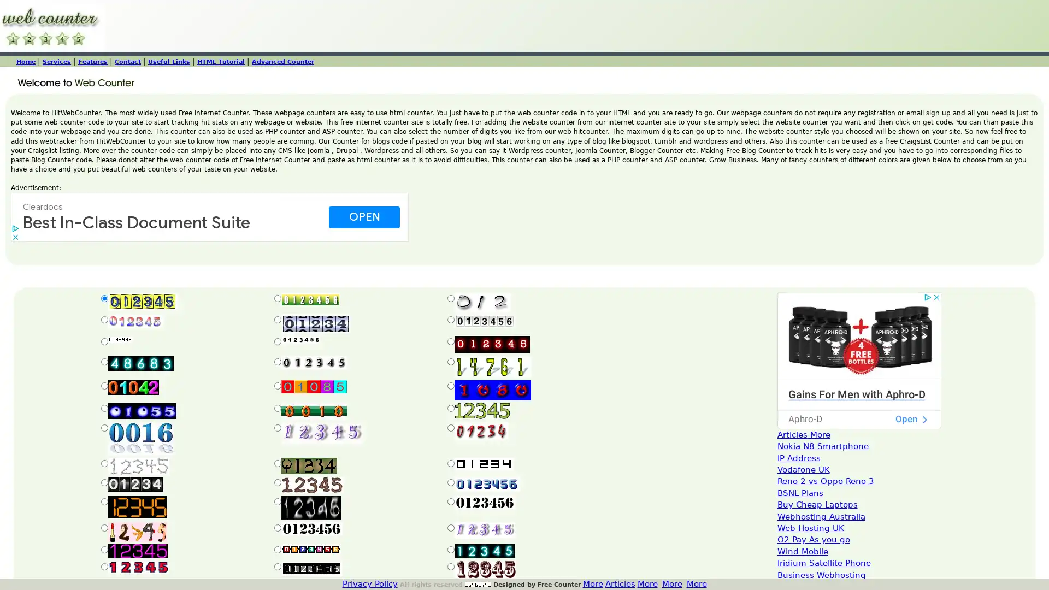  Describe the element at coordinates (481, 411) in the screenshot. I see `Submit` at that location.